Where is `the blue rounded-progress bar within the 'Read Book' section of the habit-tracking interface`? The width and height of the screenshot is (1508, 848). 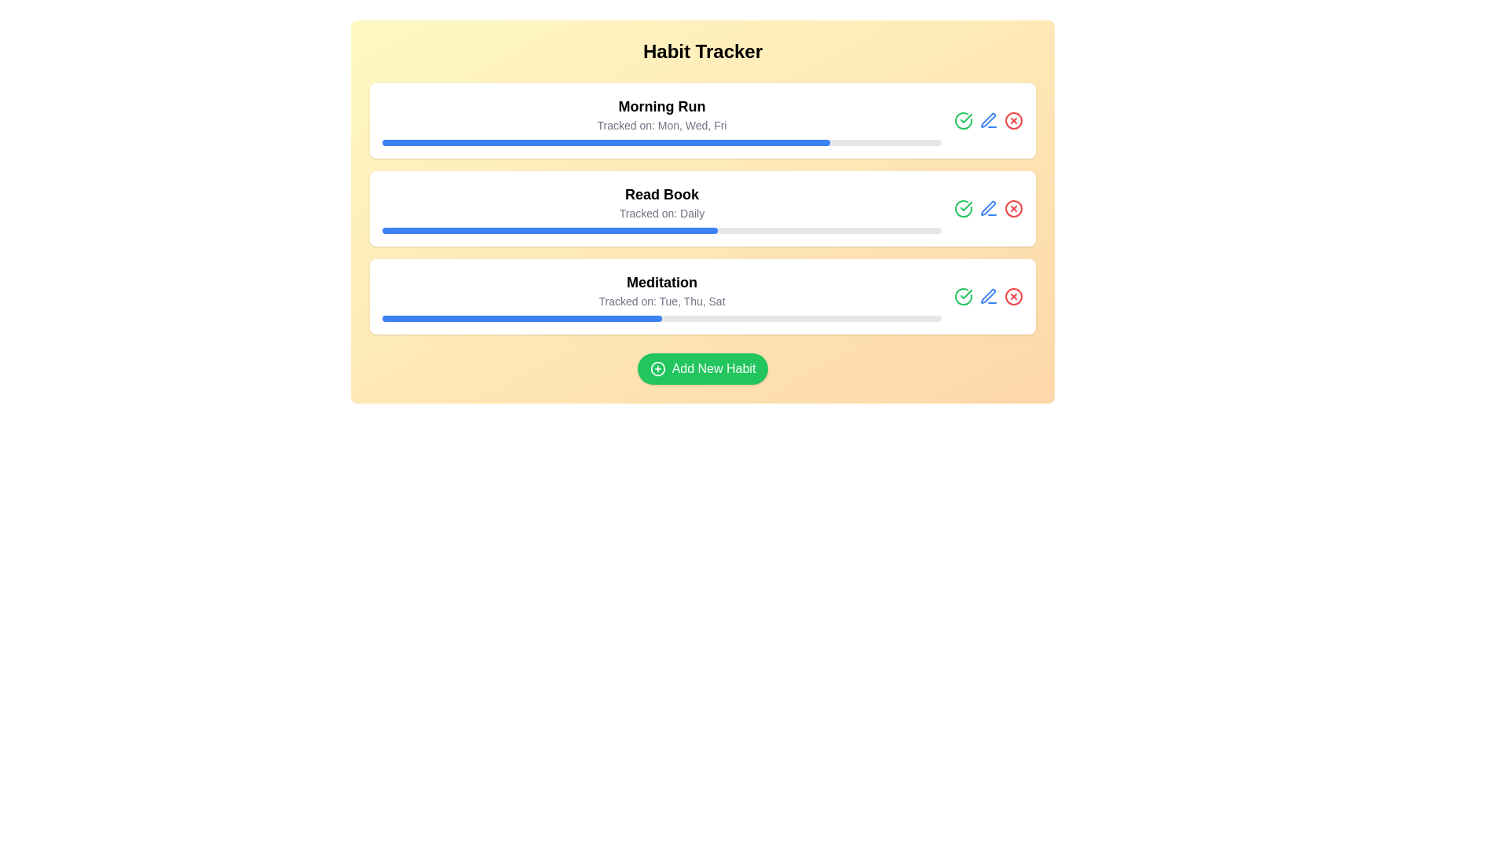
the blue rounded-progress bar within the 'Read Book' section of the habit-tracking interface is located at coordinates (550, 230).